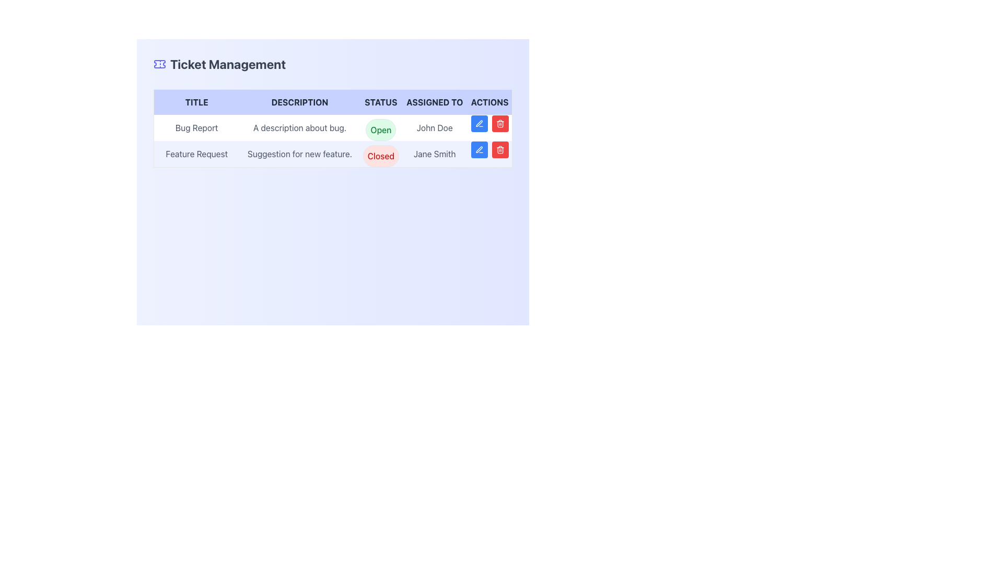 This screenshot has width=1003, height=564. What do you see at coordinates (499, 149) in the screenshot?
I see `the deletion button in the 'Actions' column of the second row in the table for the 'Feature Request' entry` at bounding box center [499, 149].